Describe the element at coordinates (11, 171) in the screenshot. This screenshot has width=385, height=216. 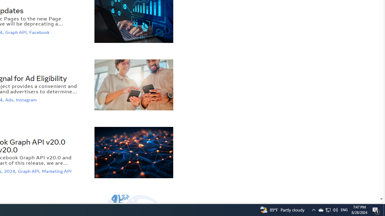
I see `'2024,'` at that location.